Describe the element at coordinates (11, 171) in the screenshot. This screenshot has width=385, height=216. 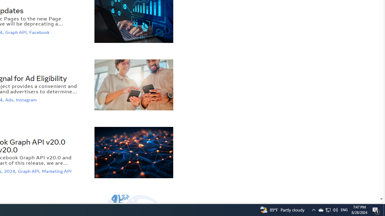
I see `'2024,'` at that location.